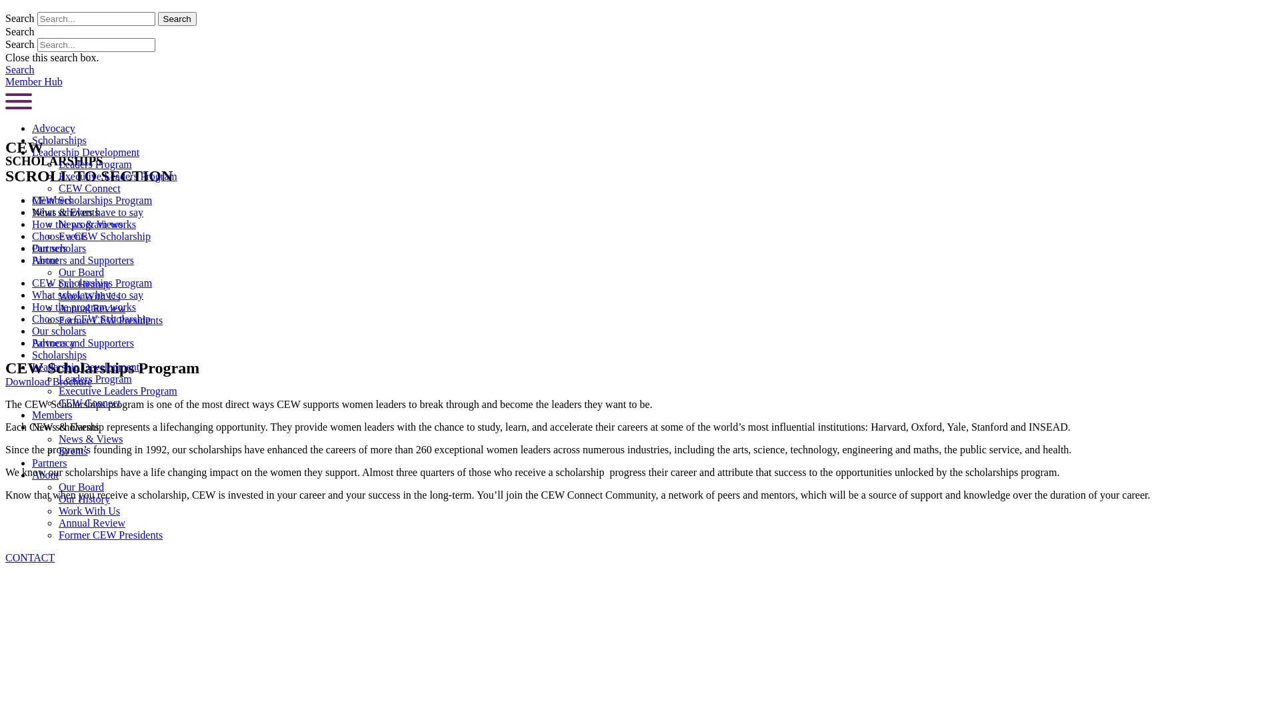 The width and height of the screenshot is (1280, 720). I want to click on 'Members', so click(51, 414).